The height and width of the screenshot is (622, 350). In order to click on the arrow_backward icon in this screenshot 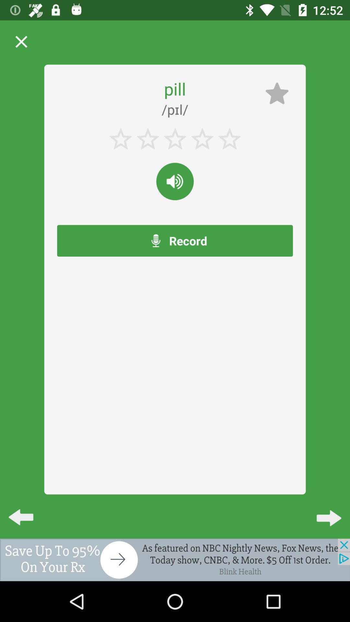, I will do `click(26, 512)`.